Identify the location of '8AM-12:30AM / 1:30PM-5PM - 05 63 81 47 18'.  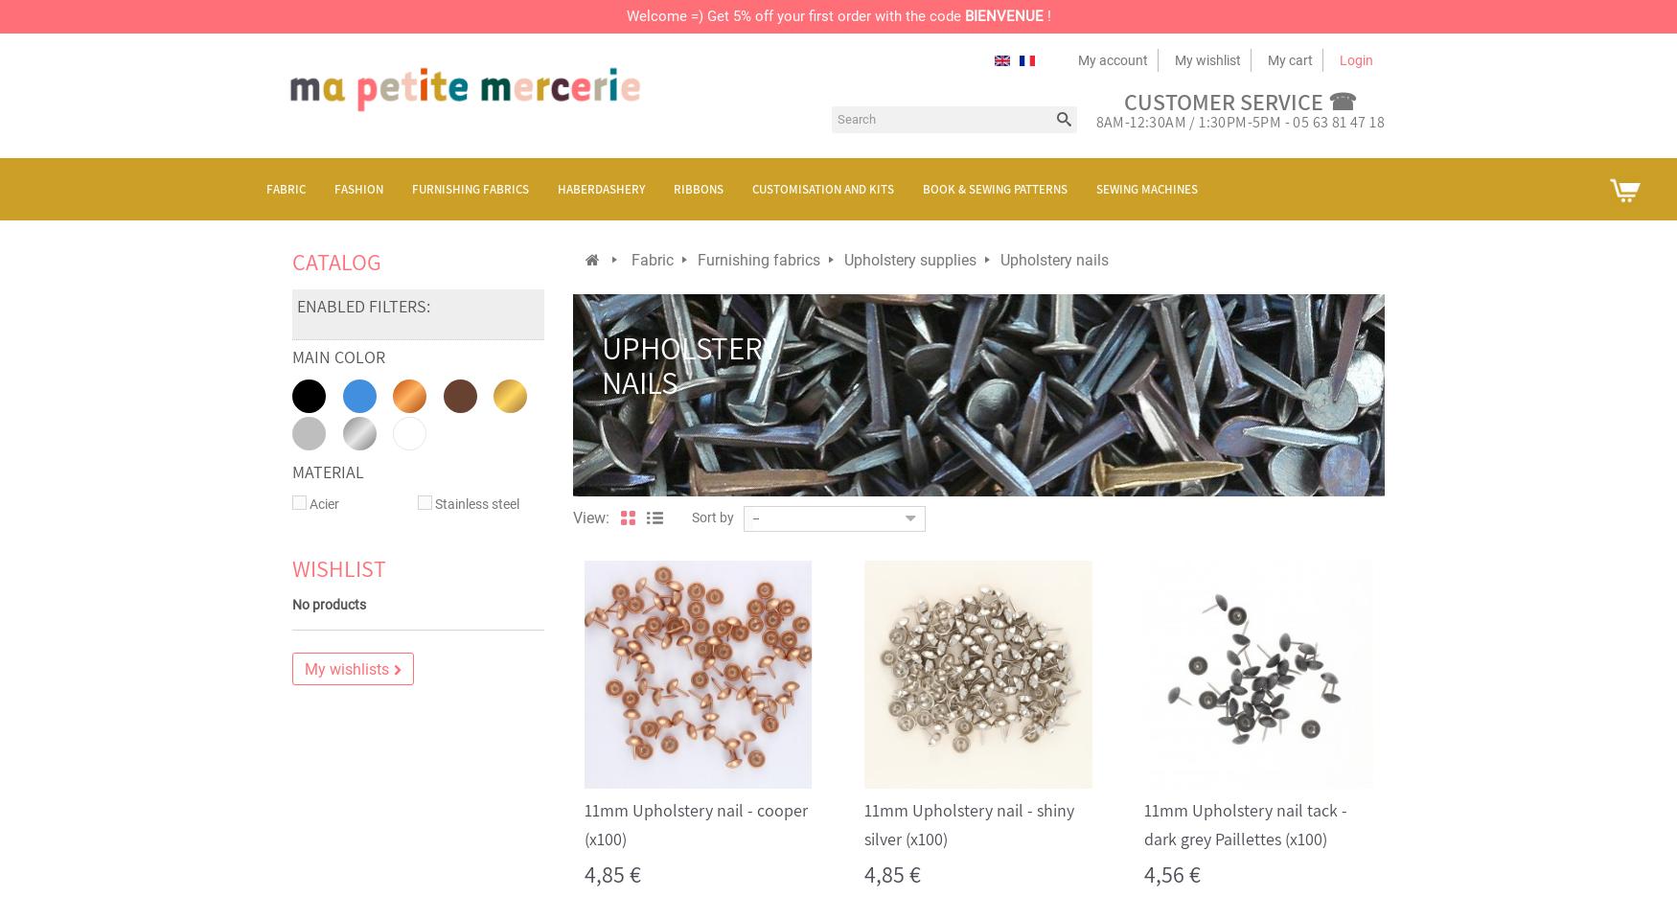
(1238, 121).